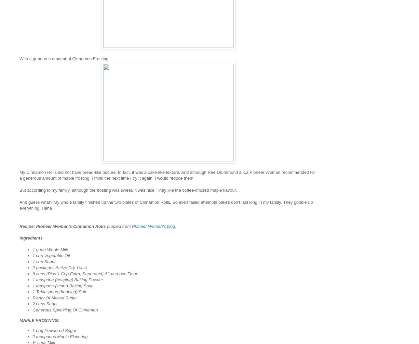 Image resolution: width=419 pixels, height=344 pixels. What do you see at coordinates (119, 226) in the screenshot?
I see `'(copied from'` at bounding box center [119, 226].